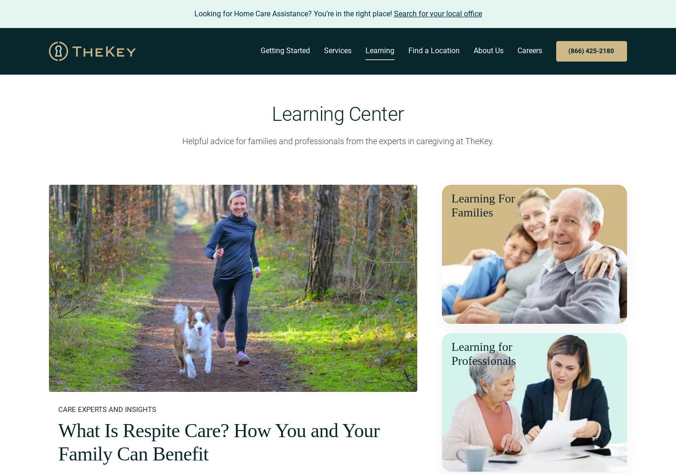 The width and height of the screenshot is (676, 474). What do you see at coordinates (285, 50) in the screenshot?
I see `'Getting Started'` at bounding box center [285, 50].